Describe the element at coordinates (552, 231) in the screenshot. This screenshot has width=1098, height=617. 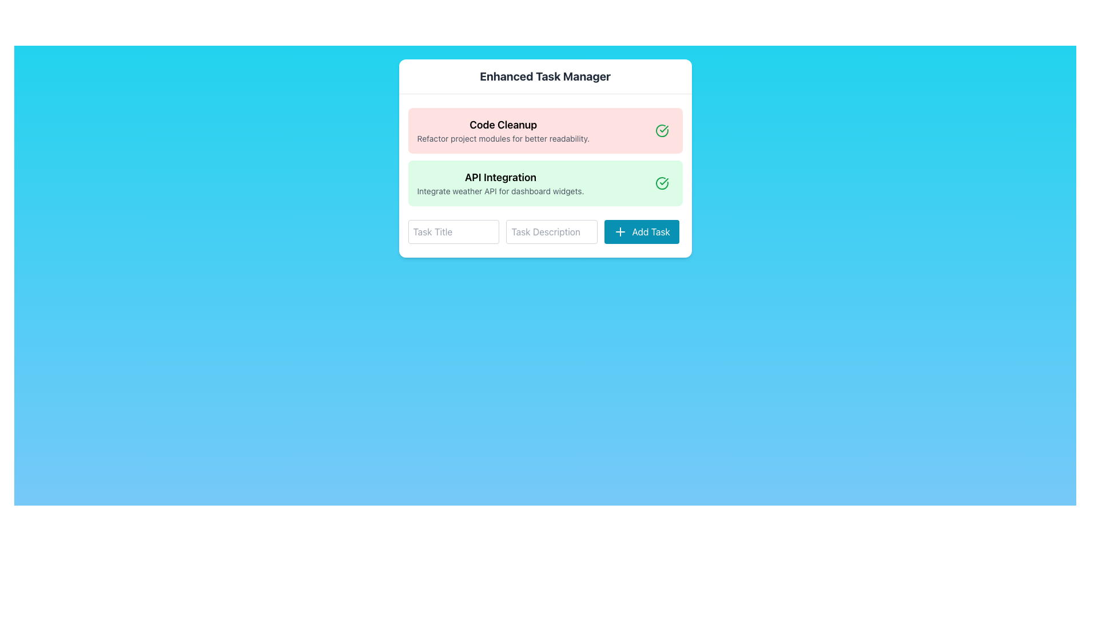
I see `the text input field with the placeholder 'Task Description' to focus on it` at that location.